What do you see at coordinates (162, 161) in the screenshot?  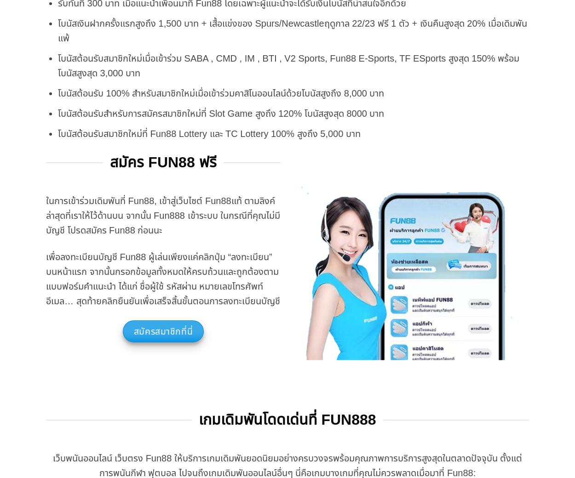 I see `'สมัคร Fun88 ฟรี'` at bounding box center [162, 161].